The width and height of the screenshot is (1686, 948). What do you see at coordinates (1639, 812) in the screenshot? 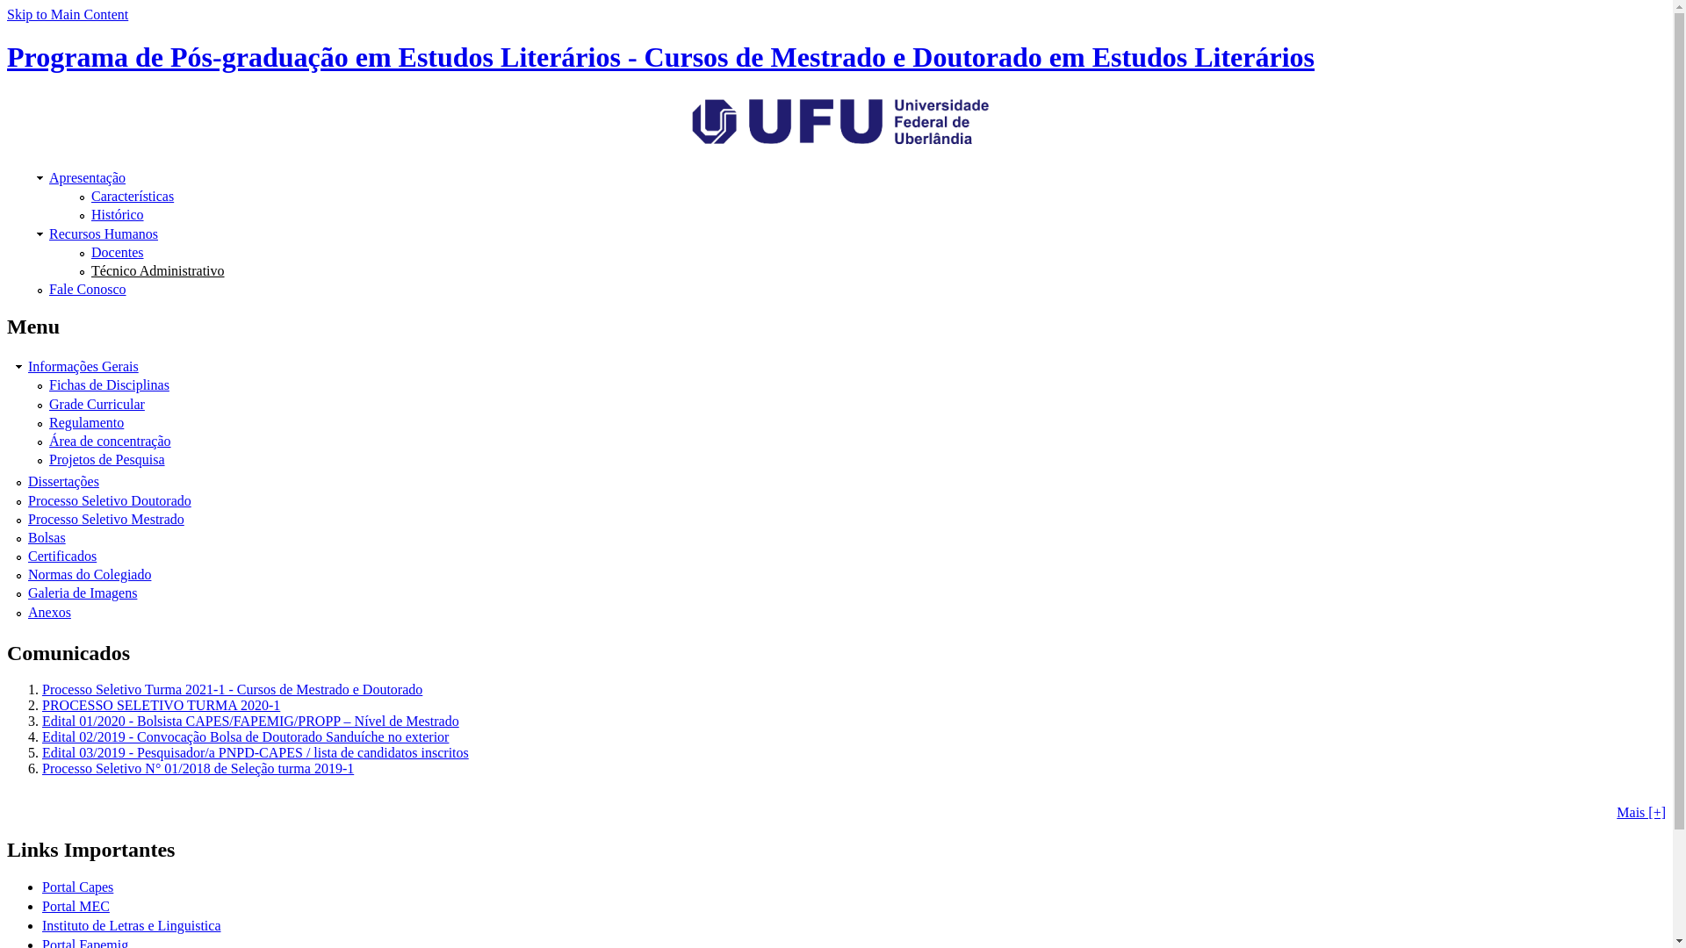
I see `'Mais [+]'` at bounding box center [1639, 812].